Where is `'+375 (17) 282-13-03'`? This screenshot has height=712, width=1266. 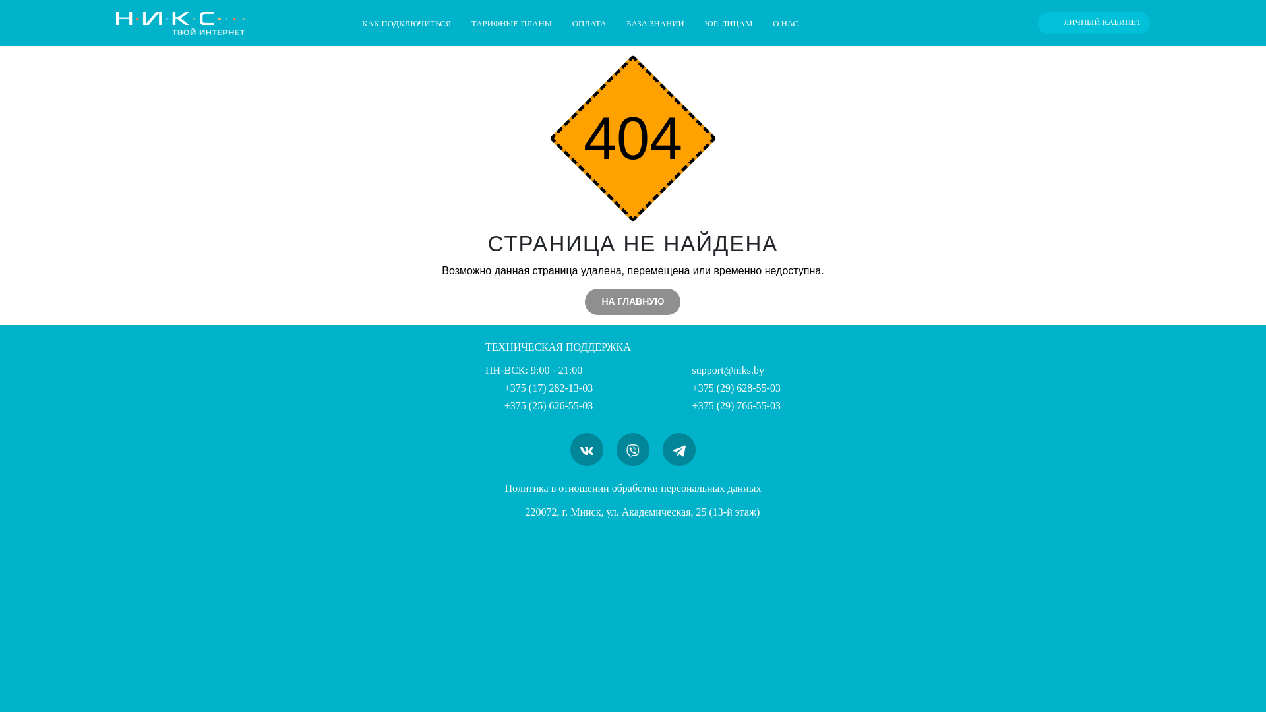
'+375 (17) 282-13-03' is located at coordinates (539, 387).